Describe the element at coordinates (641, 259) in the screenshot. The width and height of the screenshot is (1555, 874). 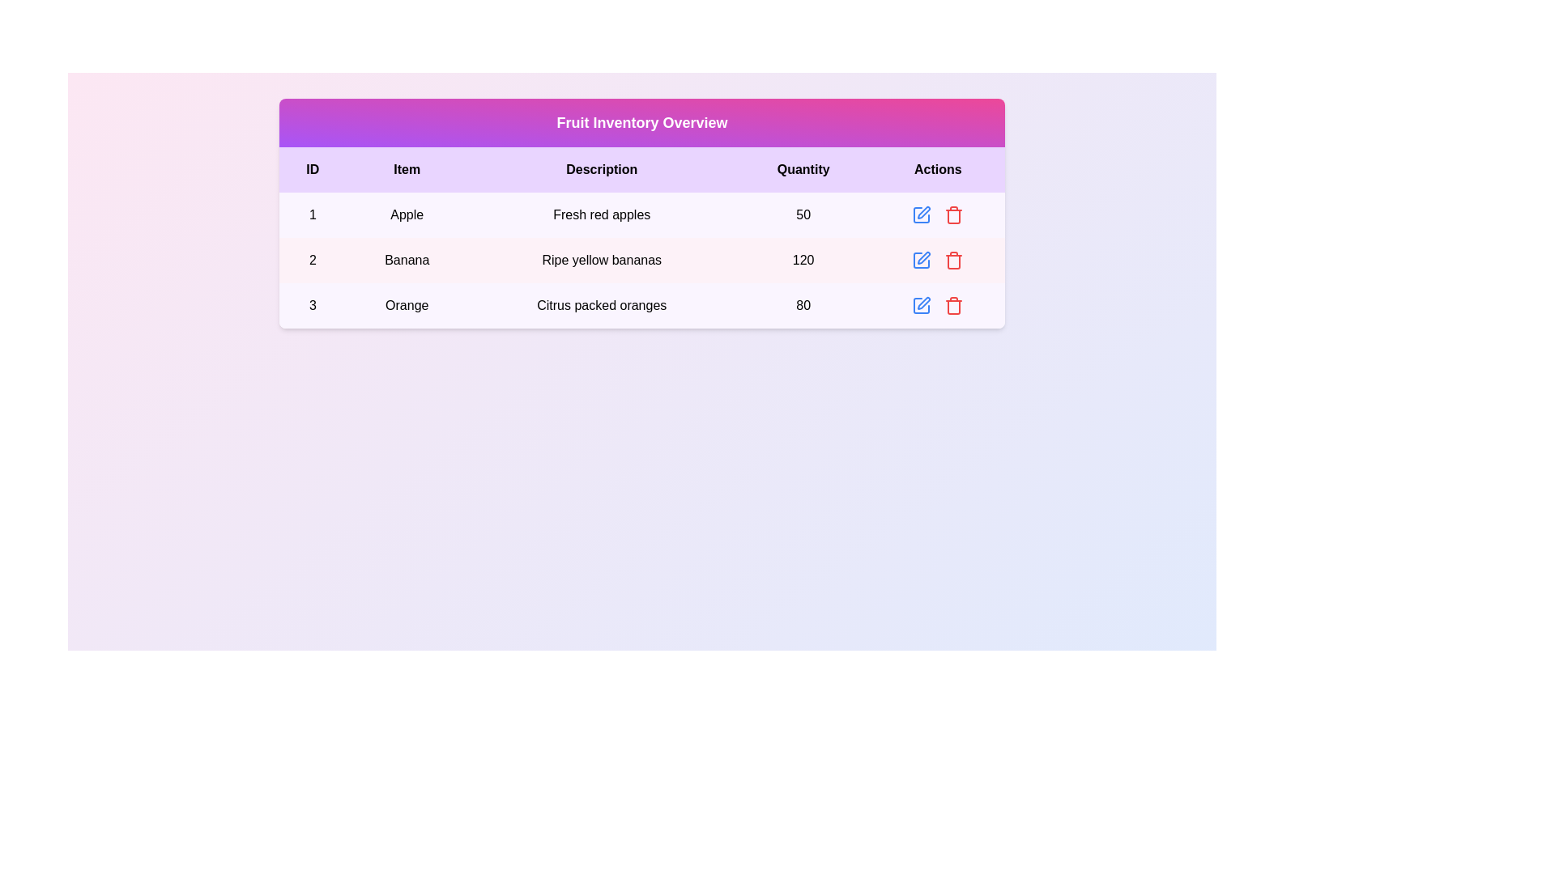
I see `the row corresponding to 2` at that location.